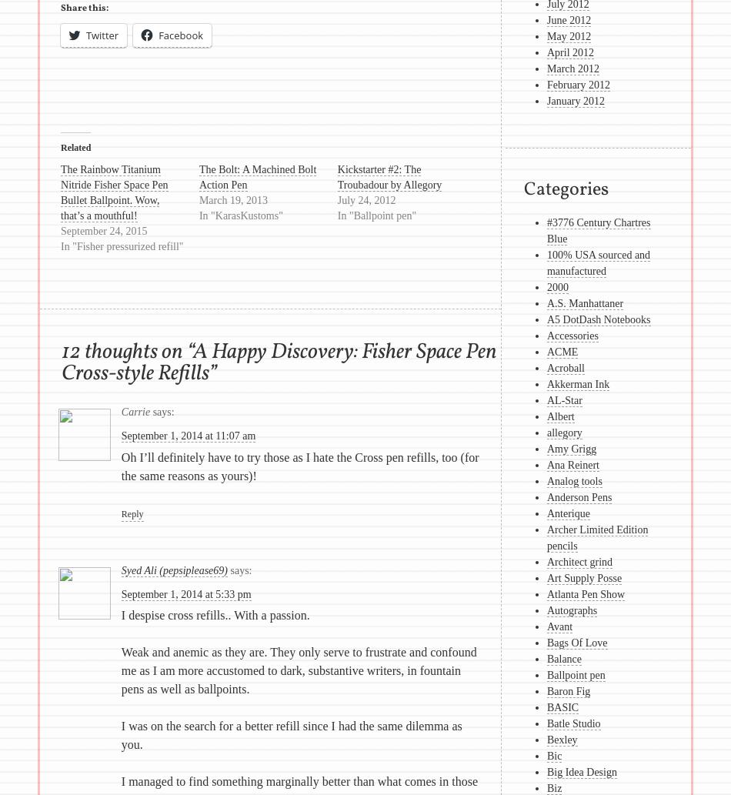 This screenshot has height=795, width=731. I want to click on 'Archer Limited Edition pencils', so click(596, 538).